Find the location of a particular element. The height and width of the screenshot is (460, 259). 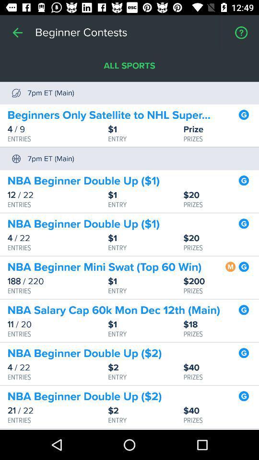

the prize icon is located at coordinates (221, 129).